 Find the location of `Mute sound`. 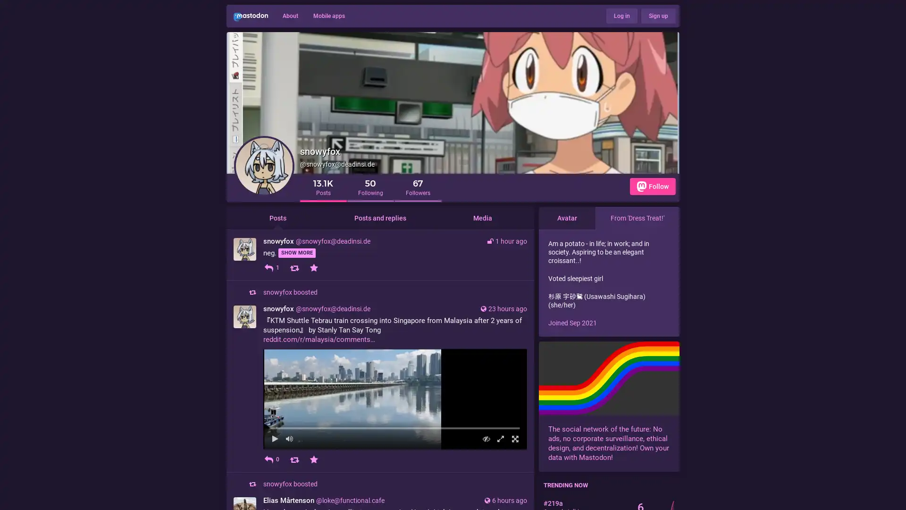

Mute sound is located at coordinates (289, 486).